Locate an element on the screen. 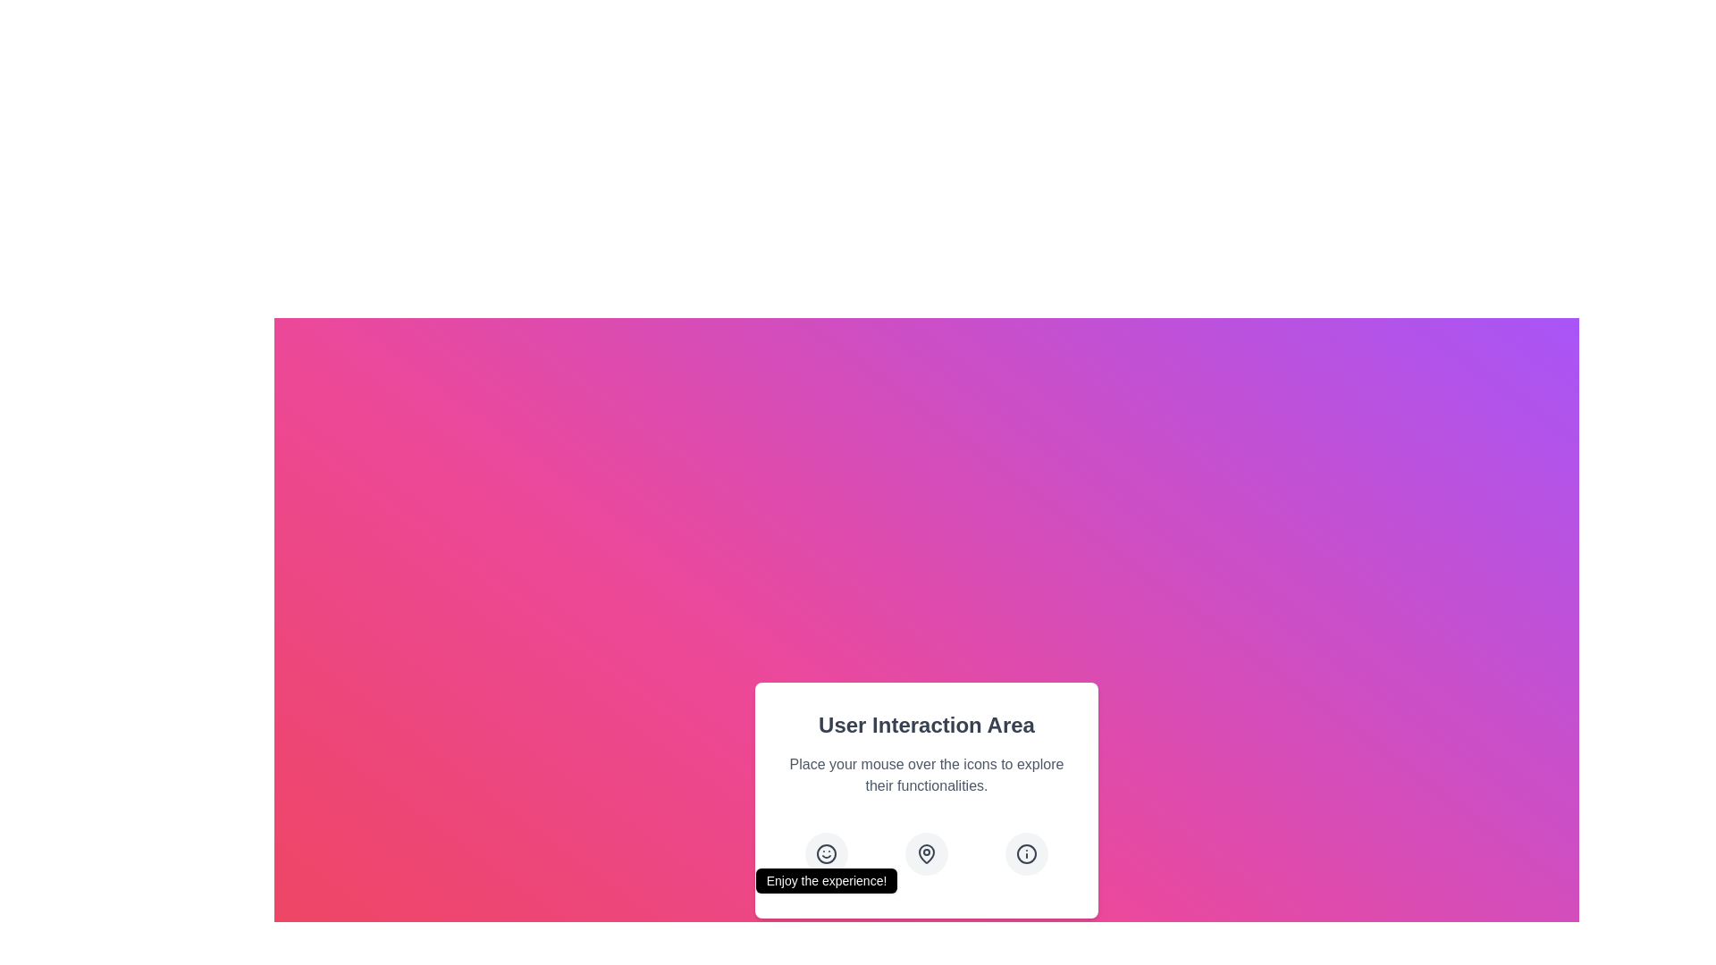  the circular information button with a light gray background located in the lower-right corner of the User Interaction Area panel is located at coordinates (1026, 853).